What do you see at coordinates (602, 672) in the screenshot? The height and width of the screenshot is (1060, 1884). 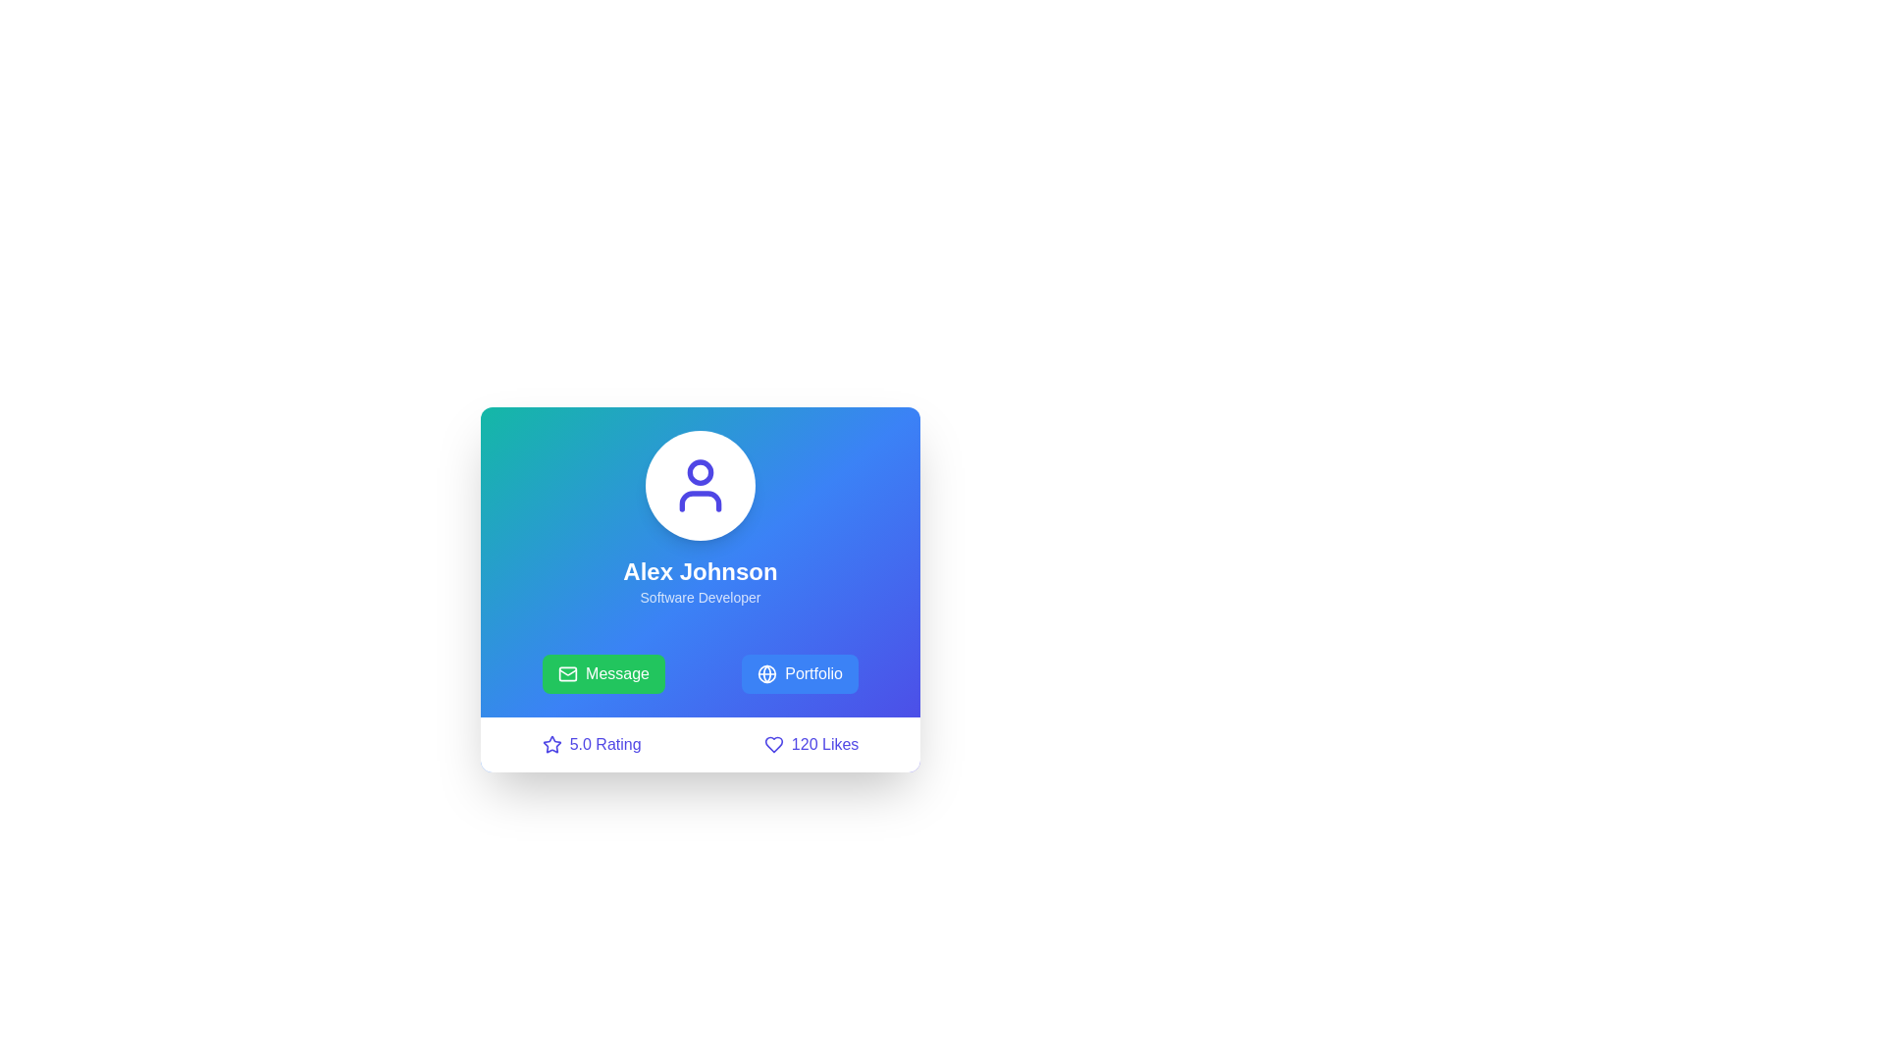 I see `the messaging button located at the bottom center of the card interface to send a message` at bounding box center [602, 672].